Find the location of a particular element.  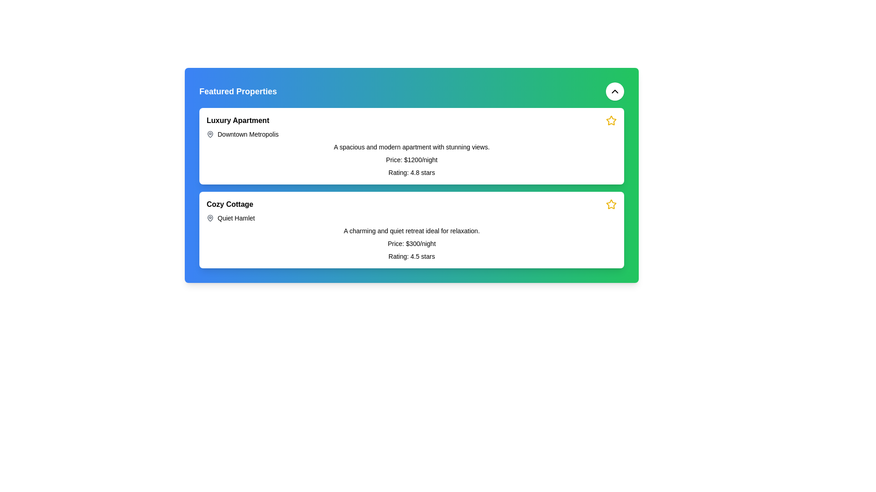

the Text label indicating the geographical or descriptive location associated with the 'Cozy Cottage' property, located under the 'Cozy Cottage' heading in the lower portion of the interface is located at coordinates (236, 218).